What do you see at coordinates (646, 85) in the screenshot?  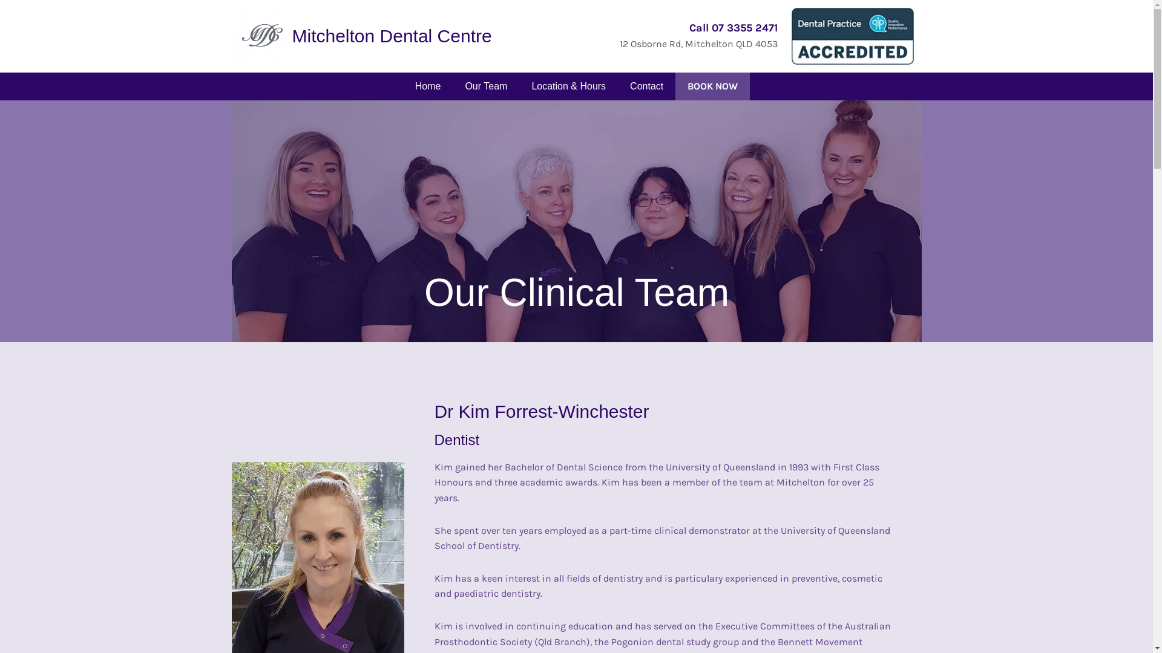 I see `'Contact'` at bounding box center [646, 85].